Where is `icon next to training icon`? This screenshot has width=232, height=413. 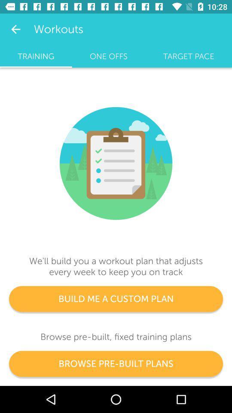
icon next to training icon is located at coordinates (108, 56).